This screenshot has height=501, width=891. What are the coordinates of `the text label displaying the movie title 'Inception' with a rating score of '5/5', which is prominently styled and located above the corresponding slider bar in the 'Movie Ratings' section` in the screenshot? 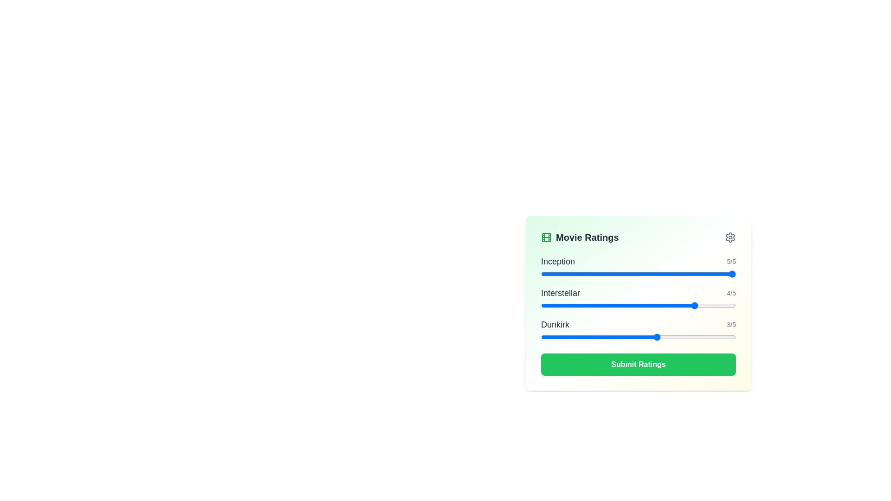 It's located at (638, 261).